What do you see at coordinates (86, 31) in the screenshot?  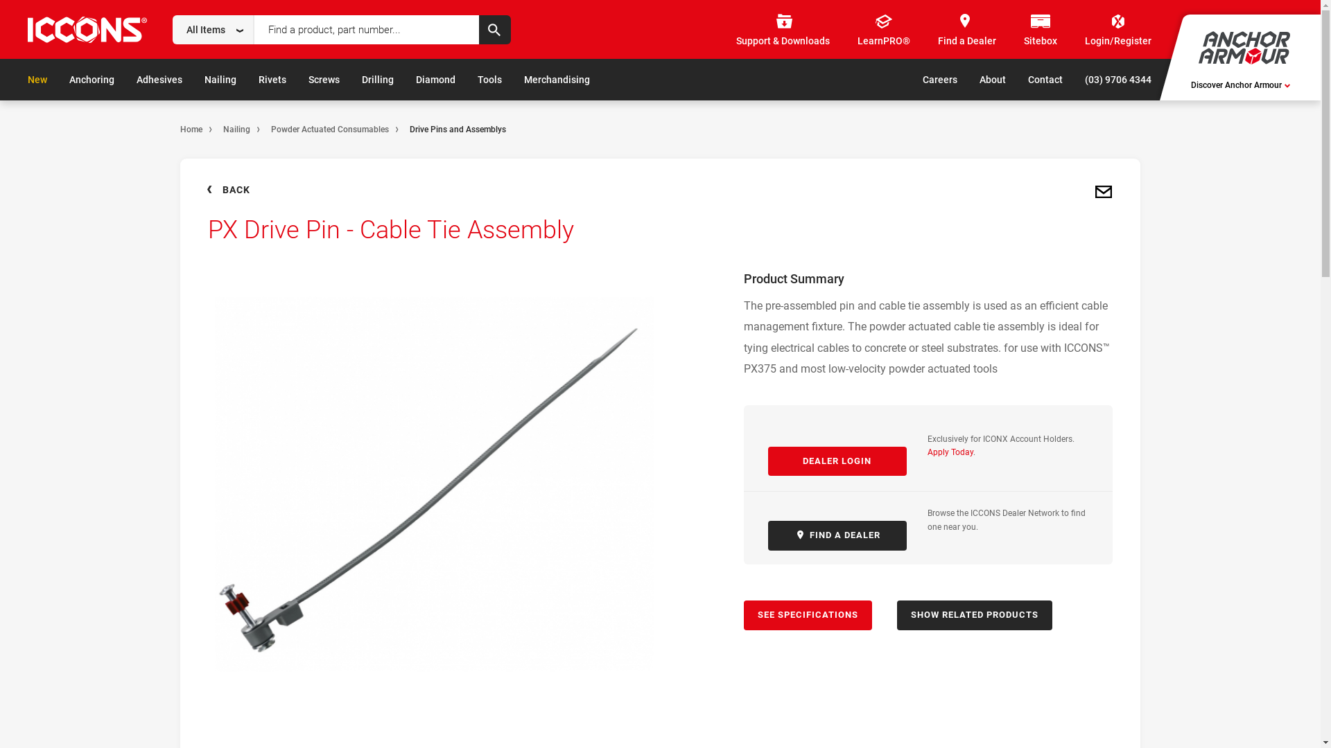 I see `'ICCONS - The serious fixings wholesaler'` at bounding box center [86, 31].